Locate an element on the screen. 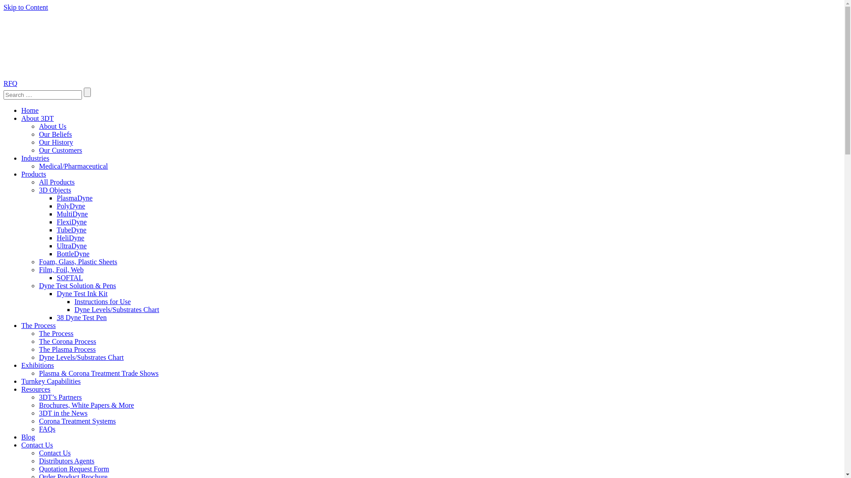 Image resolution: width=851 pixels, height=478 pixels. 'SOFTAL' is located at coordinates (69, 277).